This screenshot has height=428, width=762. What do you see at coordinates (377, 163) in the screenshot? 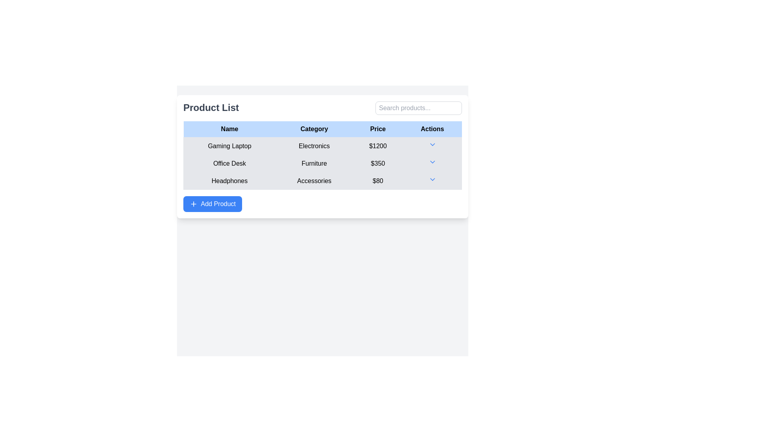
I see `the static text displaying the price '$350' in bold style, located in the third cell of the 'Price' column for the product 'Office Desk' within a gray-shaded table row` at bounding box center [377, 163].